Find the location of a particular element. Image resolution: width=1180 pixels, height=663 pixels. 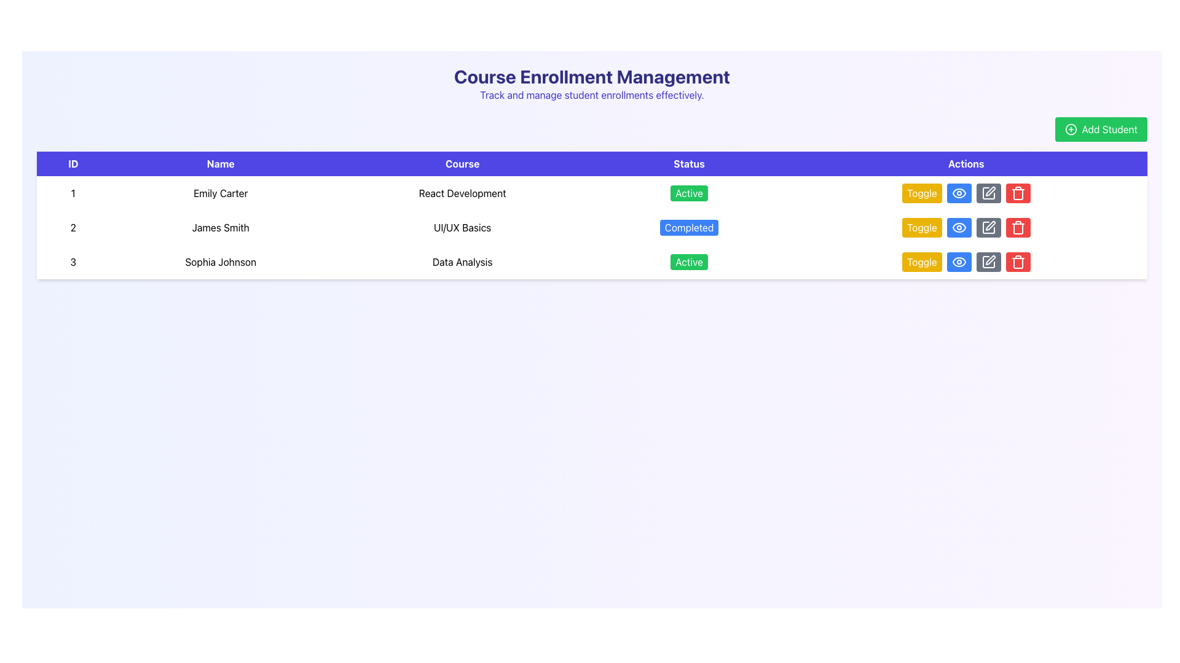

the edit icon button located in the 'Actions' column of the table for the entry corresponding to 'James Smith' and 'UI/UX Basics' to initiate editing is located at coordinates (988, 227).